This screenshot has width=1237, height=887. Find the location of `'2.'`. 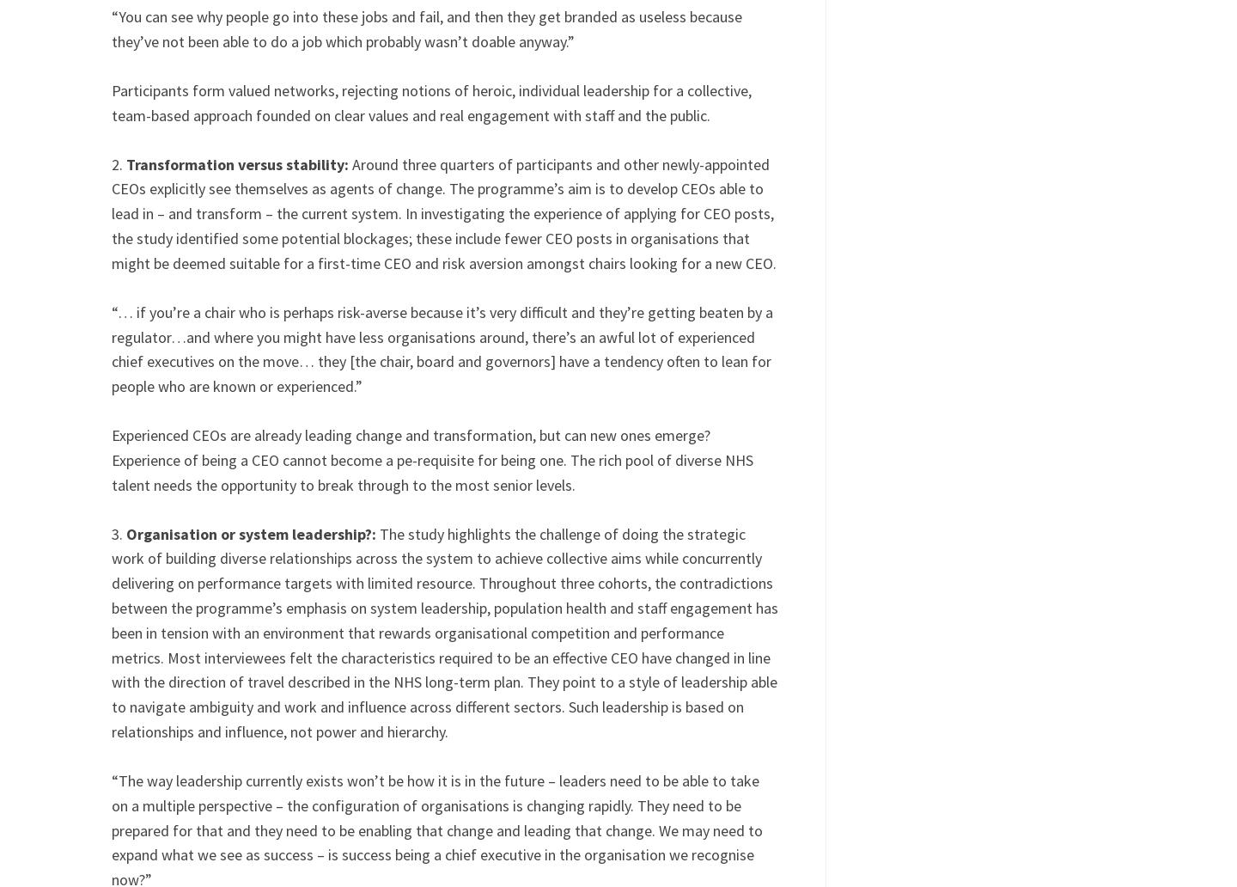

'2.' is located at coordinates (118, 162).